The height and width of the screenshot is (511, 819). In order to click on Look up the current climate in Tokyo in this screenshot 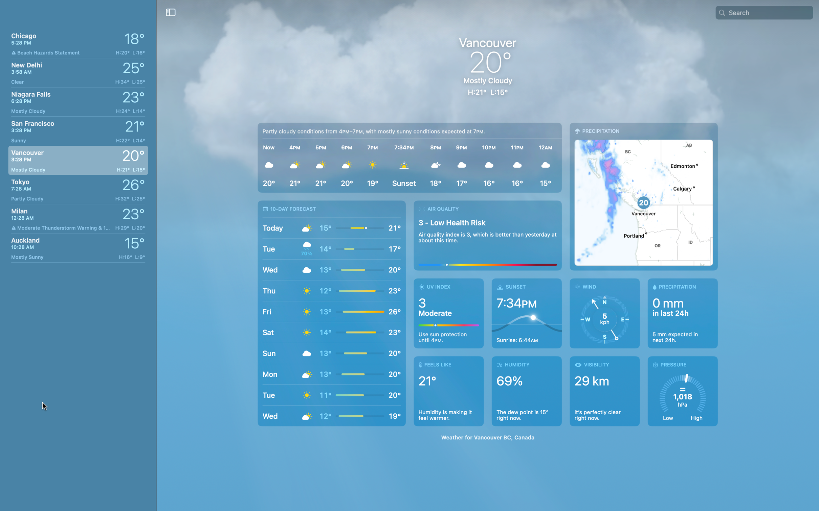, I will do `click(76, 189)`.